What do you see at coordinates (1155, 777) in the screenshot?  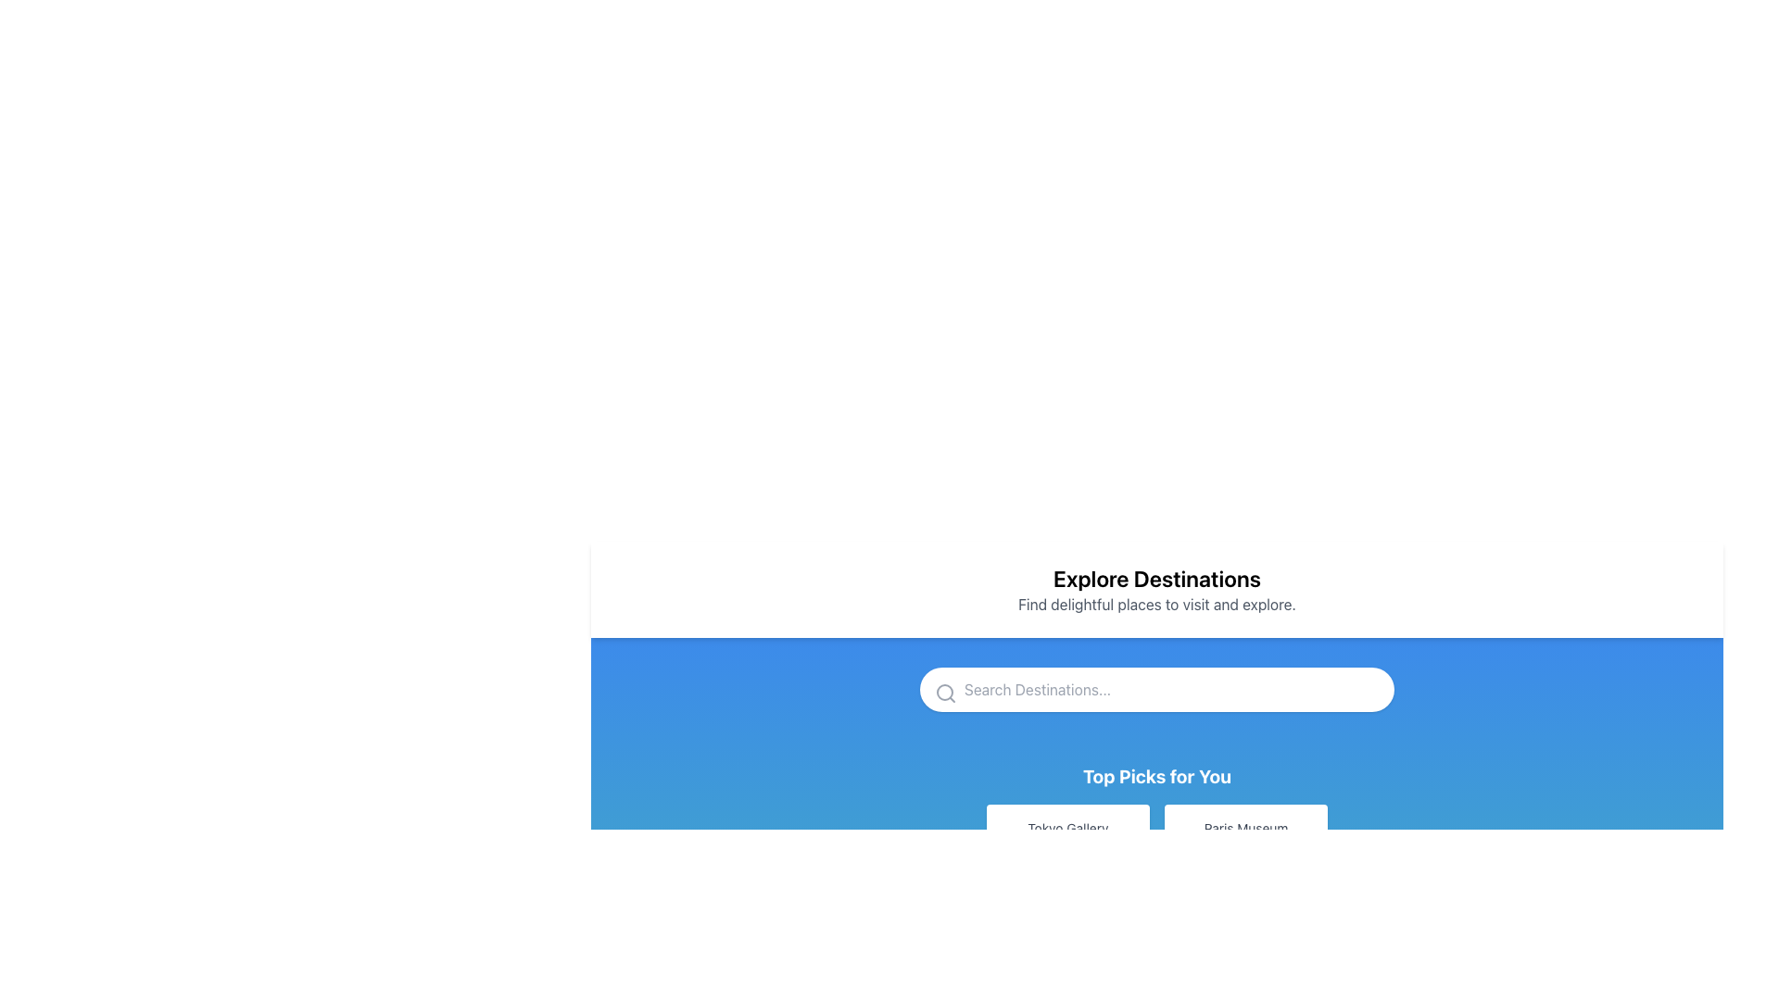 I see `the static text label 'Top Picks for You', which is styled with a bold, white font on a blue background, centrally aligned below the search input field and above the buttons` at bounding box center [1155, 777].